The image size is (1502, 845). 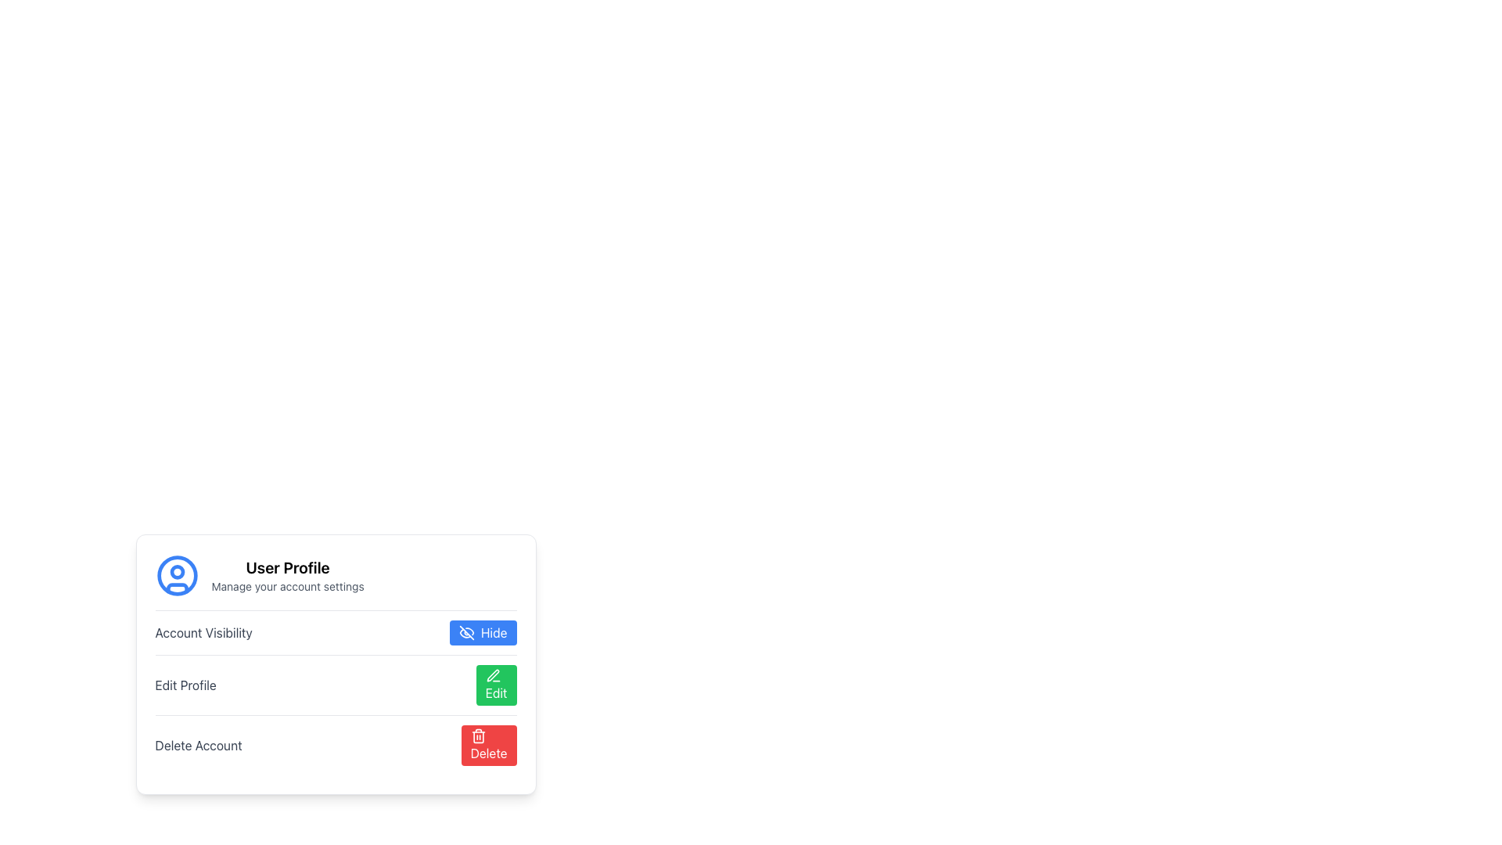 What do you see at coordinates (288, 586) in the screenshot?
I see `the text label 'Manage your account settings' which is located beneath the 'User Profile' heading` at bounding box center [288, 586].